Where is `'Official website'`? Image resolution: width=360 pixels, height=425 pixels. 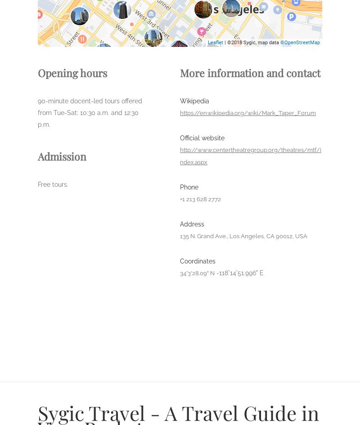 'Official website' is located at coordinates (202, 138).